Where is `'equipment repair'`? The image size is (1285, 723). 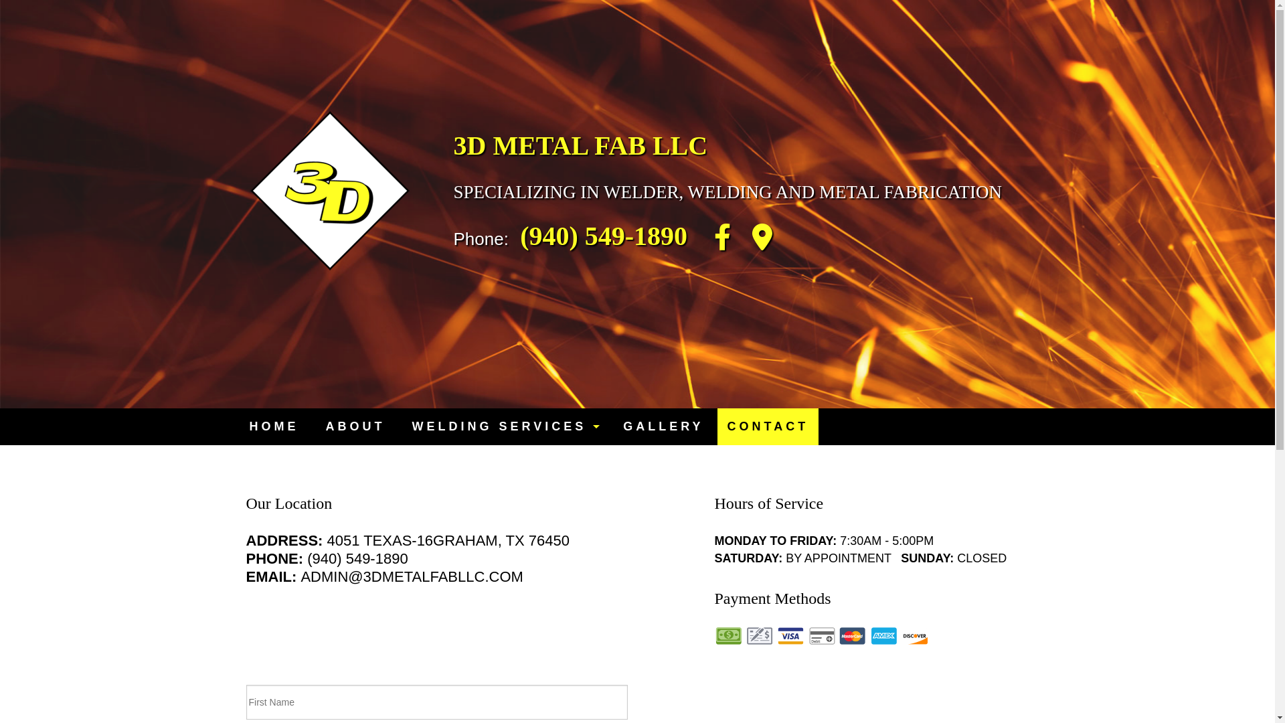
'equipment repair' is located at coordinates (503, 458).